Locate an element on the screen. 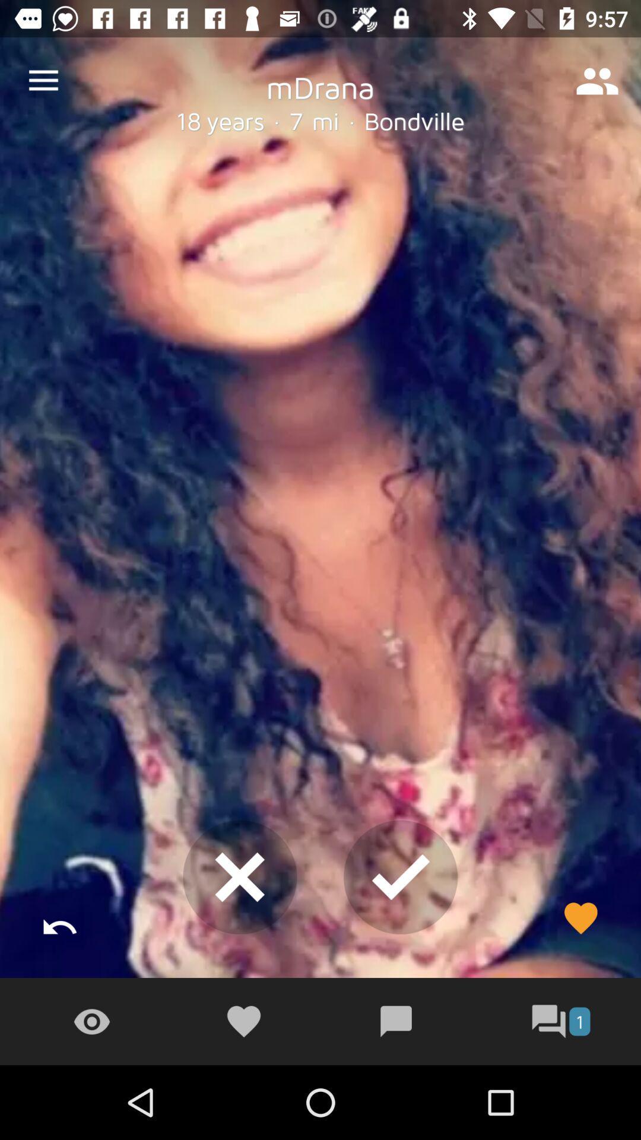 This screenshot has width=641, height=1140. the check icon is located at coordinates (401, 877).